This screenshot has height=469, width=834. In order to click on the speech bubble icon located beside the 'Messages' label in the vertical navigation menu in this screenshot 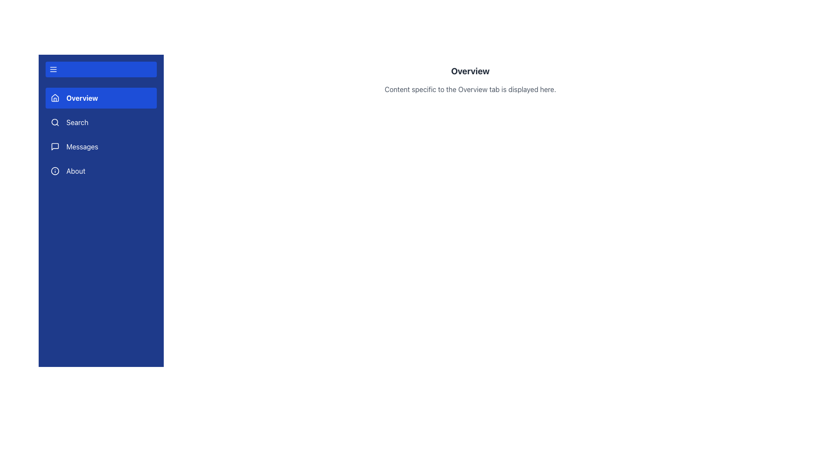, I will do `click(54, 146)`.